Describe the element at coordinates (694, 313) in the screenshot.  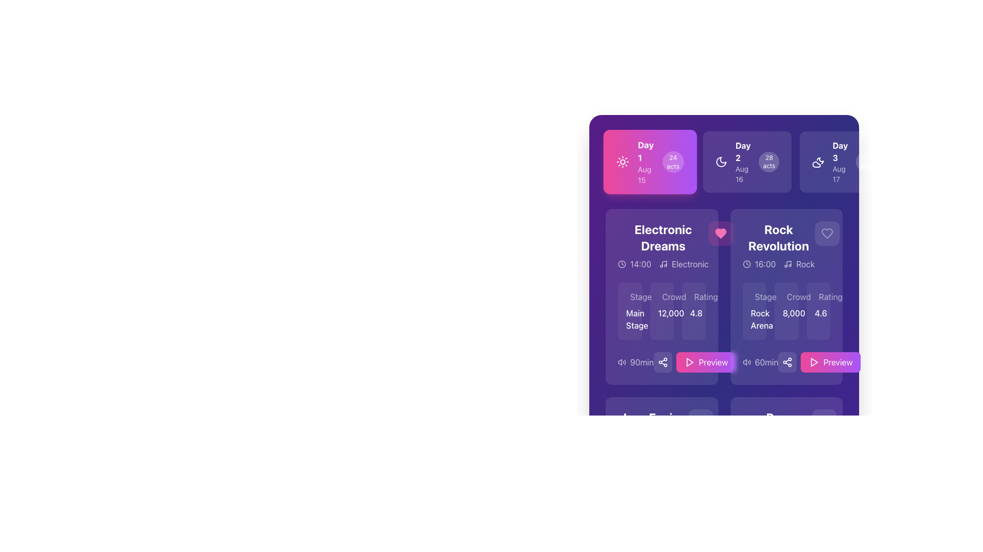
I see `the static text element displaying the rating value '4.8', which is located in the 'Rating' section of the interface, surrounded by a deep purple background and near graphical star icons` at that location.